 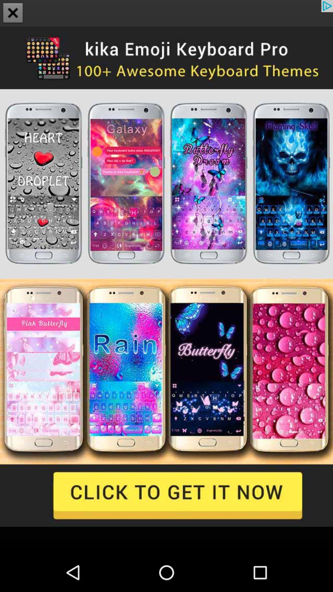 What do you see at coordinates (13, 14) in the screenshot?
I see `the close icon` at bounding box center [13, 14].